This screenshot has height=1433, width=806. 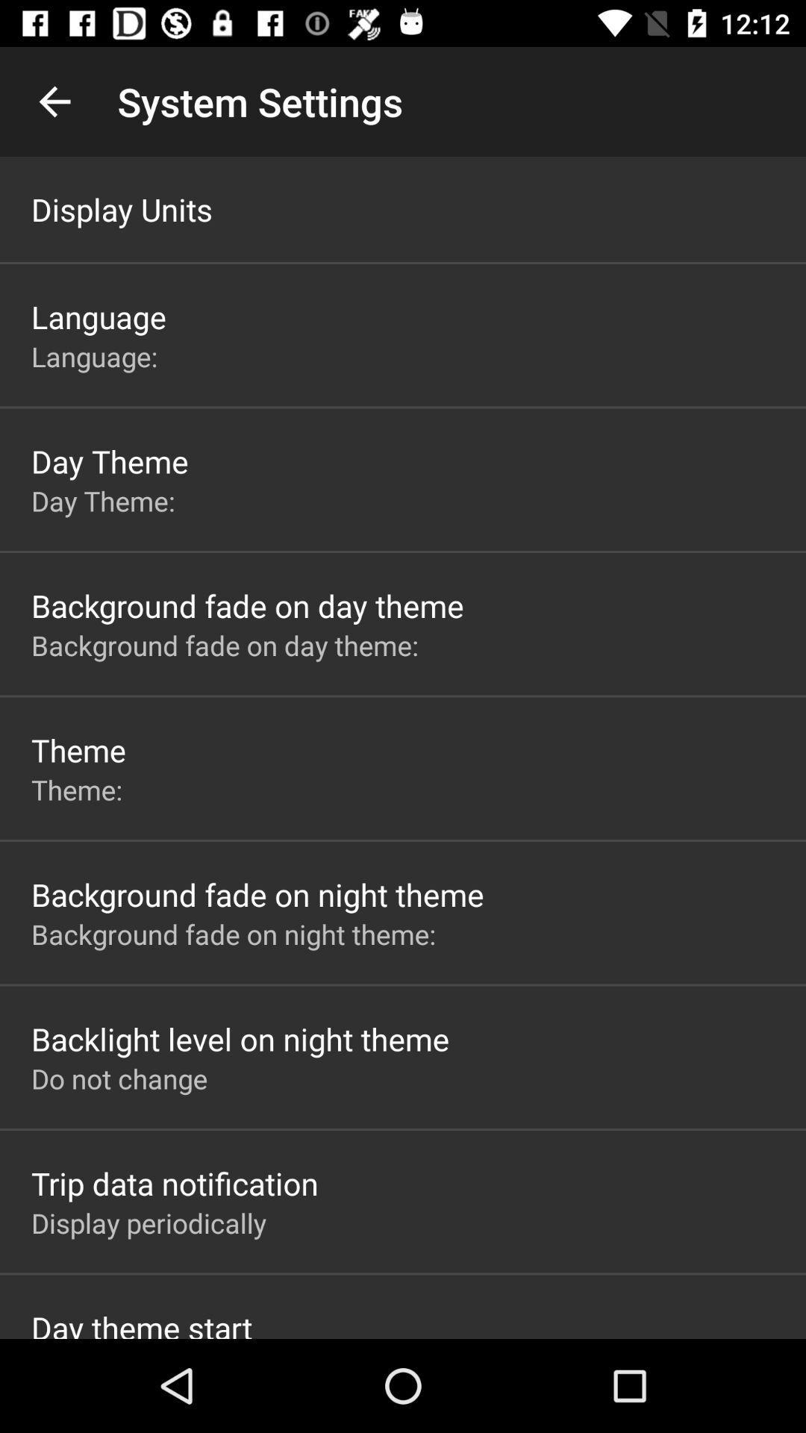 I want to click on the trip data notification app, so click(x=174, y=1182).